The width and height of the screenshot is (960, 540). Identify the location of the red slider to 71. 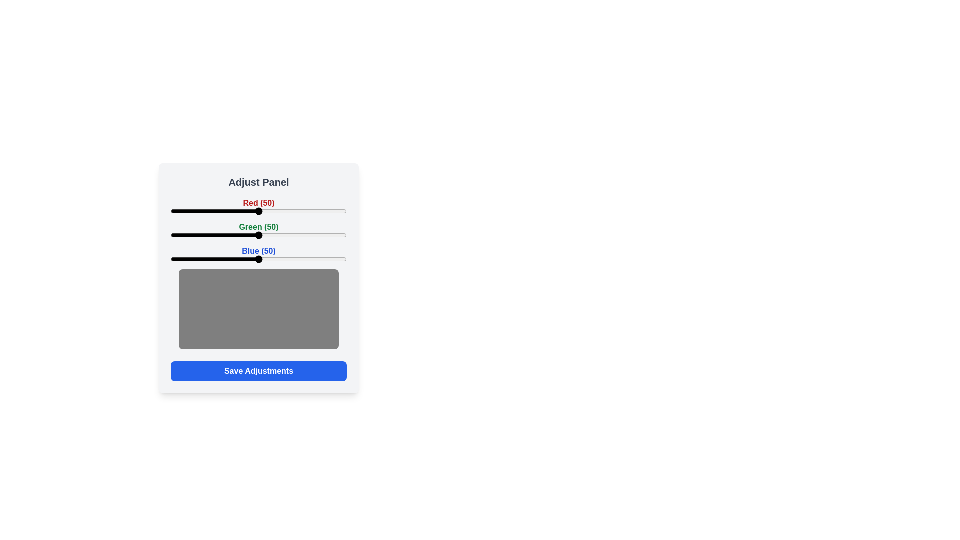
(295, 211).